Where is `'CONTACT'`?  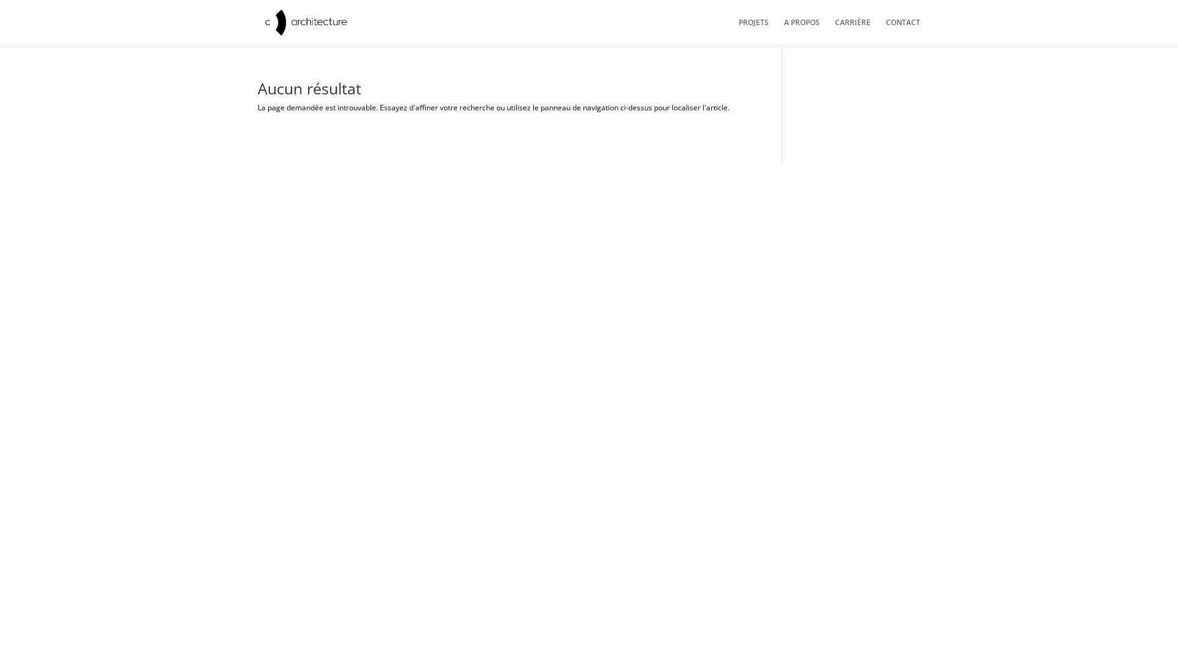
'CONTACT' is located at coordinates (903, 31).